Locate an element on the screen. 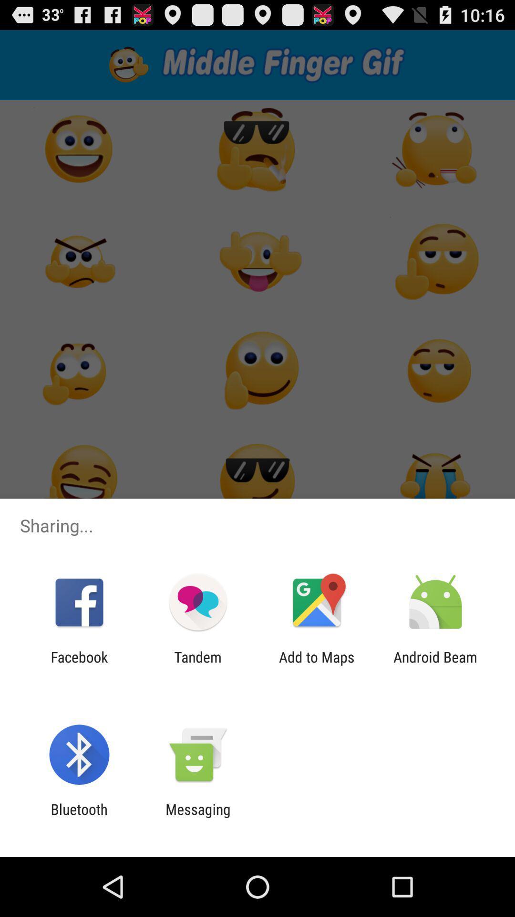 This screenshot has height=917, width=515. the tandem is located at coordinates (197, 665).